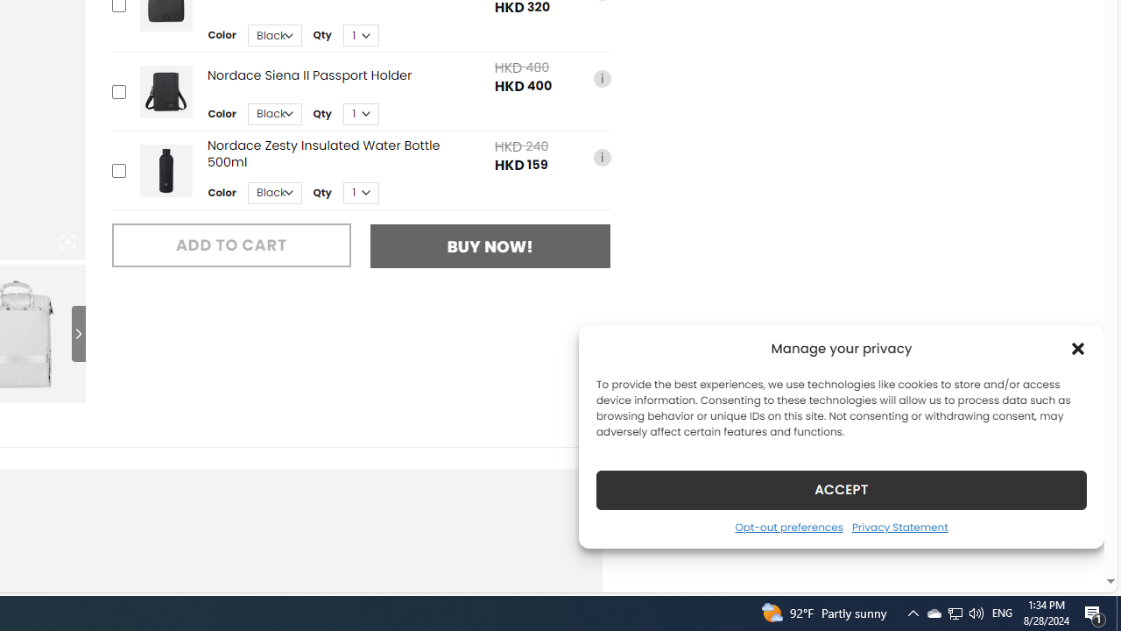 This screenshot has width=1121, height=631. I want to click on 'ACCEPT', so click(842, 489).